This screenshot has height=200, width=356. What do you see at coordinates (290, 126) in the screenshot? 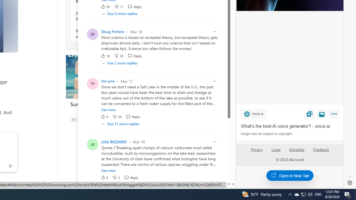
I see `'What'` at bounding box center [290, 126].